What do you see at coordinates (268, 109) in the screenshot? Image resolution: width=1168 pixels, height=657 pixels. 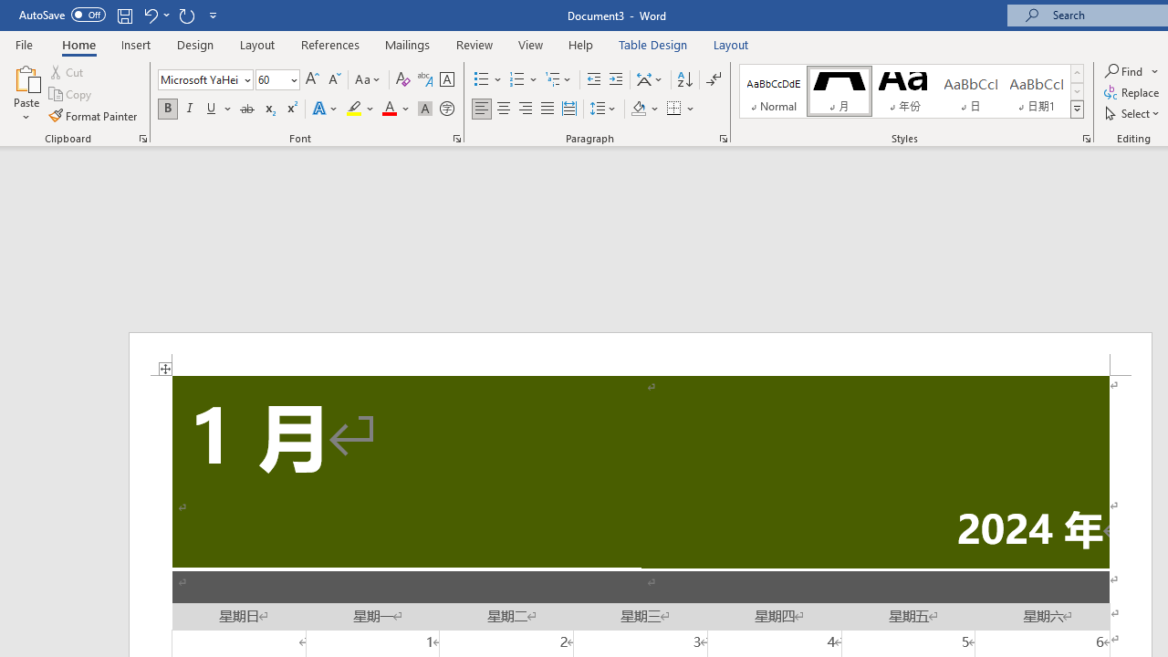 I see `'Subscript'` at bounding box center [268, 109].